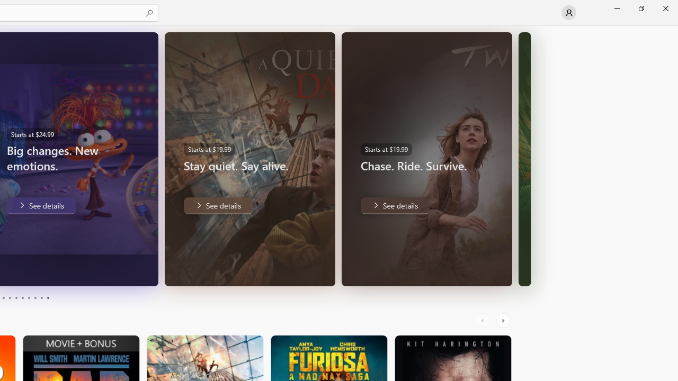  Describe the element at coordinates (9, 298) in the screenshot. I see `'Page 4'` at that location.